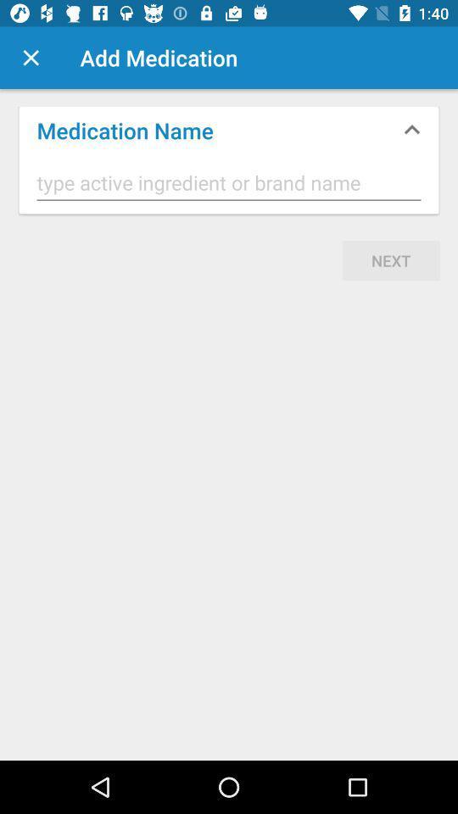 The height and width of the screenshot is (814, 458). I want to click on window, so click(31, 58).